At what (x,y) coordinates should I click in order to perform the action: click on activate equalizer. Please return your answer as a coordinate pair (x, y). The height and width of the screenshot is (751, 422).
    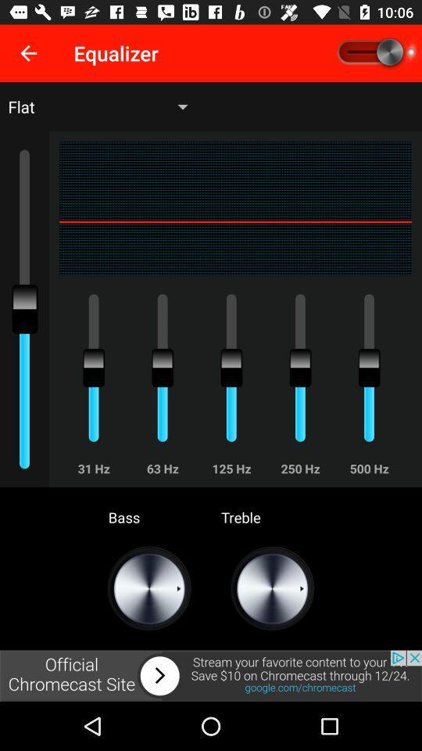
    Looking at the image, I should click on (374, 53).